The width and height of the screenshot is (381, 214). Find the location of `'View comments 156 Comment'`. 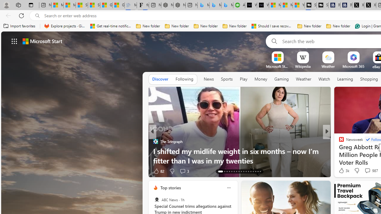

'View comments 156 Comment' is located at coordinates (367, 171).